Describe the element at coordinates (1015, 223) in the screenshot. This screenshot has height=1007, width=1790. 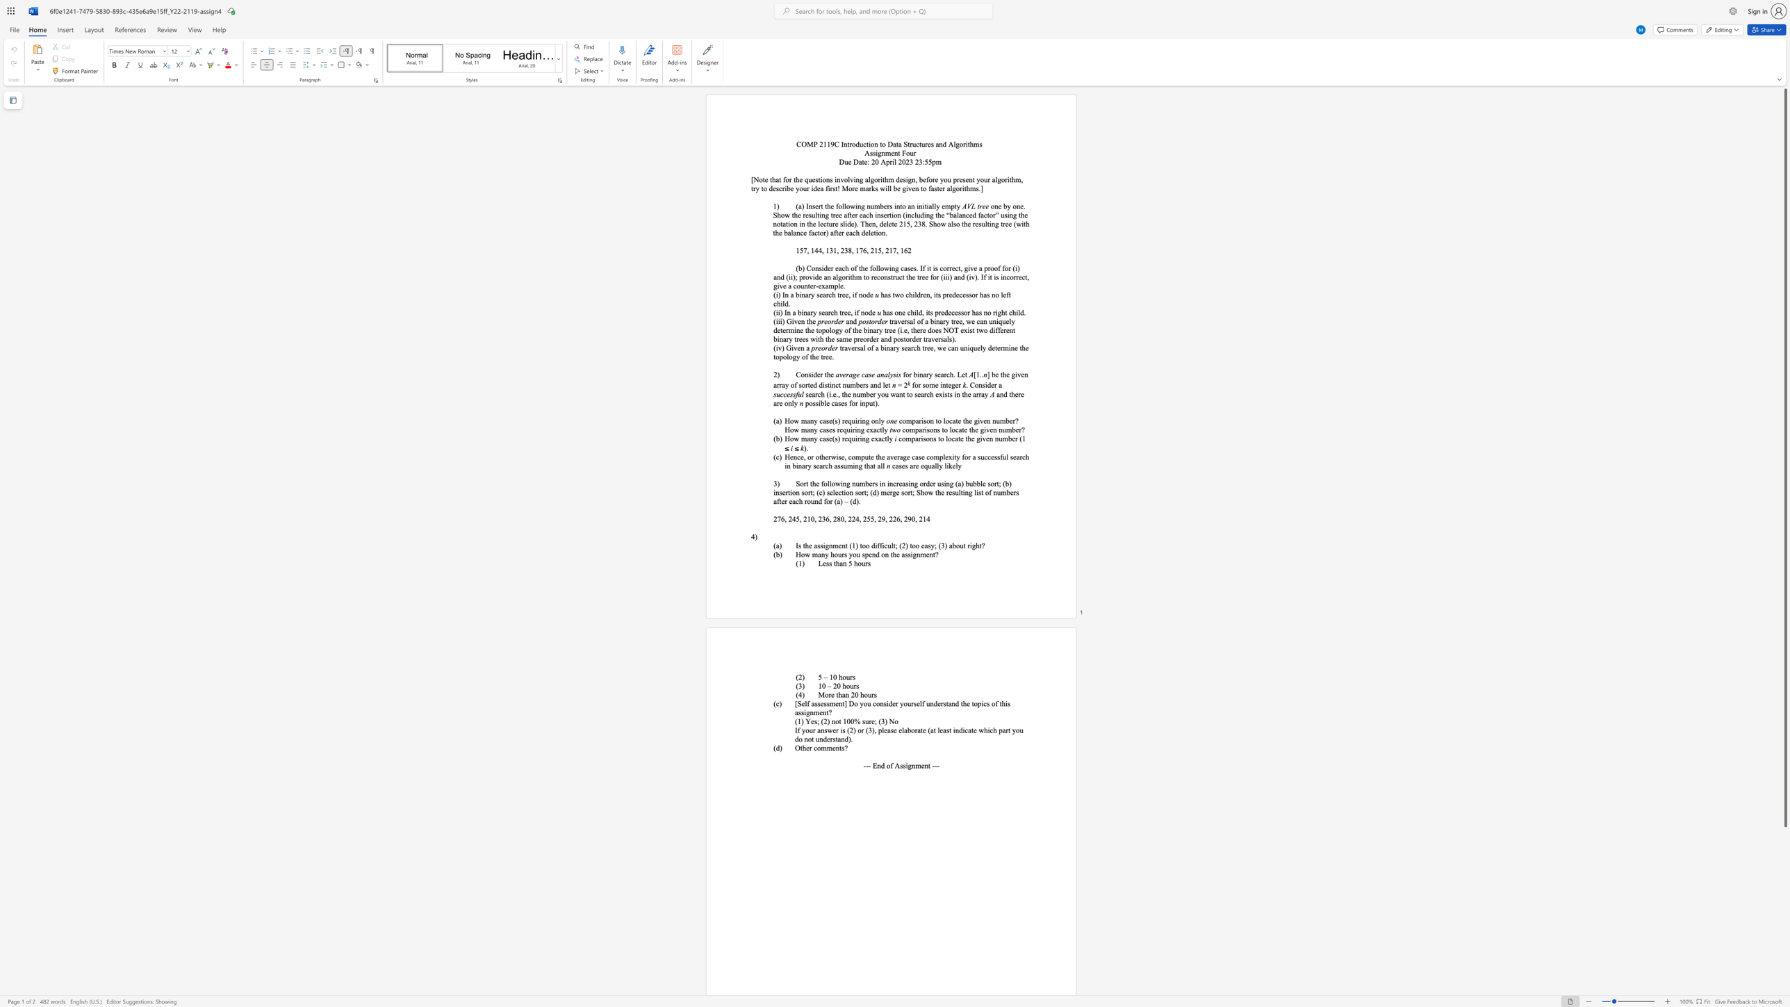
I see `the 2th character "(" in the text` at that location.